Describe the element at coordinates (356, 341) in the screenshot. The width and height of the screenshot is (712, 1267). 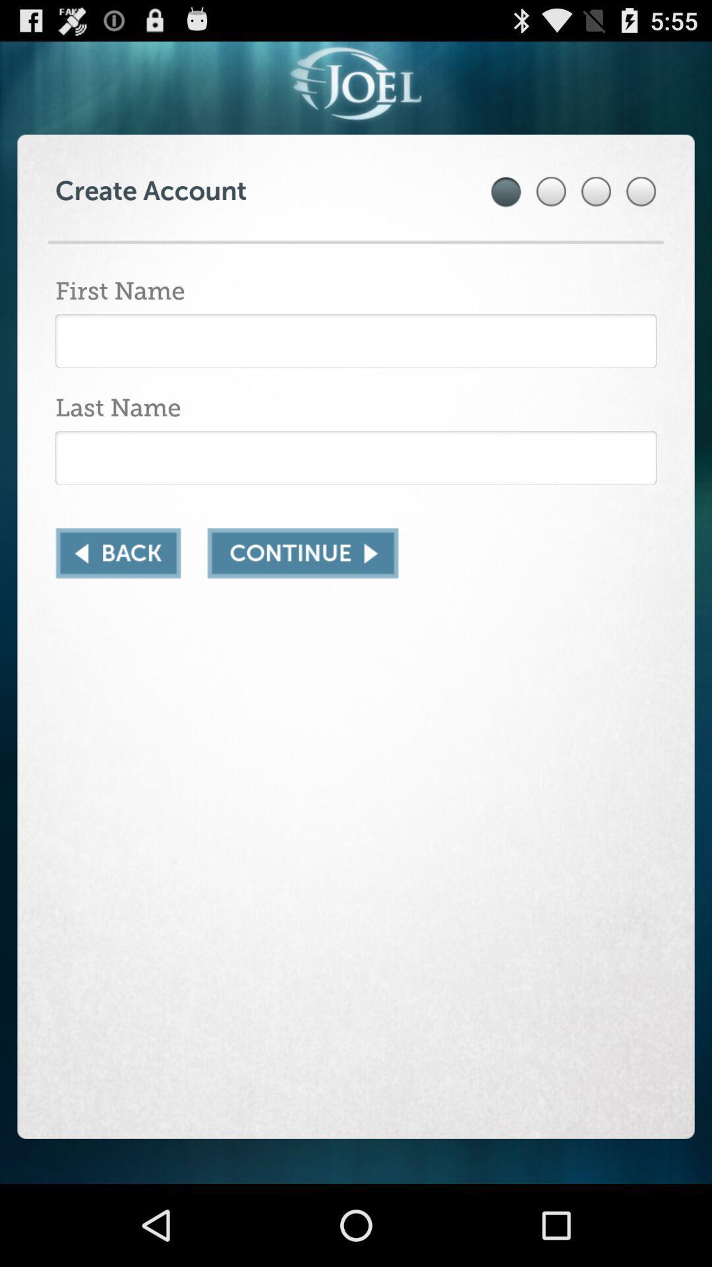
I see `text` at that location.